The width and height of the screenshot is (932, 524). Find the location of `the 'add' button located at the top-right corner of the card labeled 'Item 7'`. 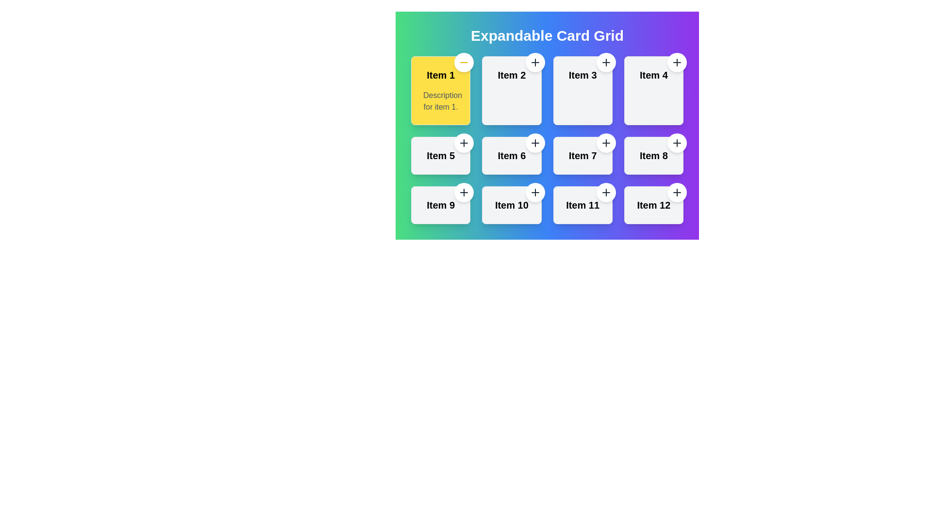

the 'add' button located at the top-right corner of the card labeled 'Item 7' is located at coordinates (605, 143).